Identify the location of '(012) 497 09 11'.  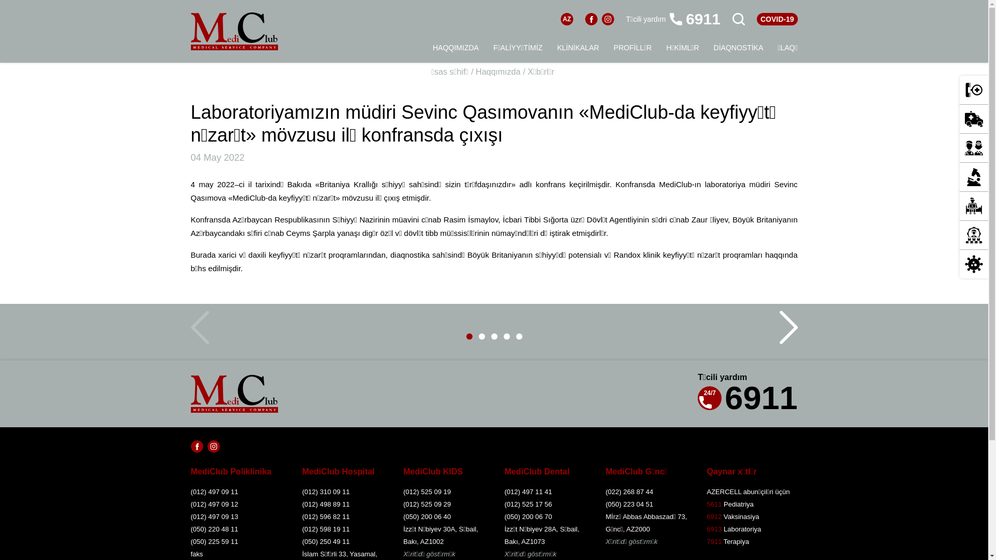
(237, 491).